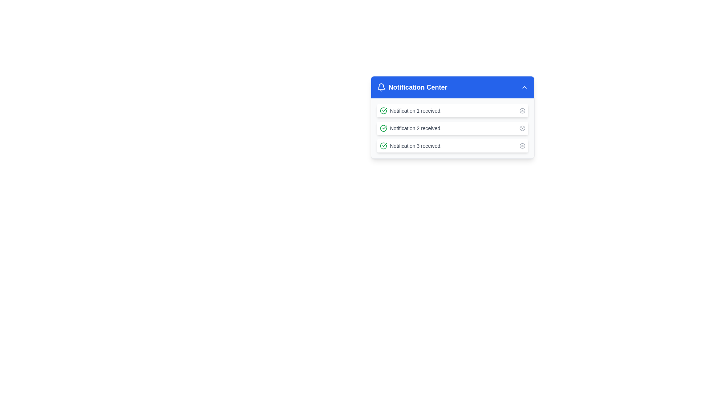 The height and width of the screenshot is (395, 702). I want to click on the text label reading 'Notification 2 received.', which is styled with a small, gray font and is located to the immediate right of a green checkmark icon in the notification center, so click(416, 128).